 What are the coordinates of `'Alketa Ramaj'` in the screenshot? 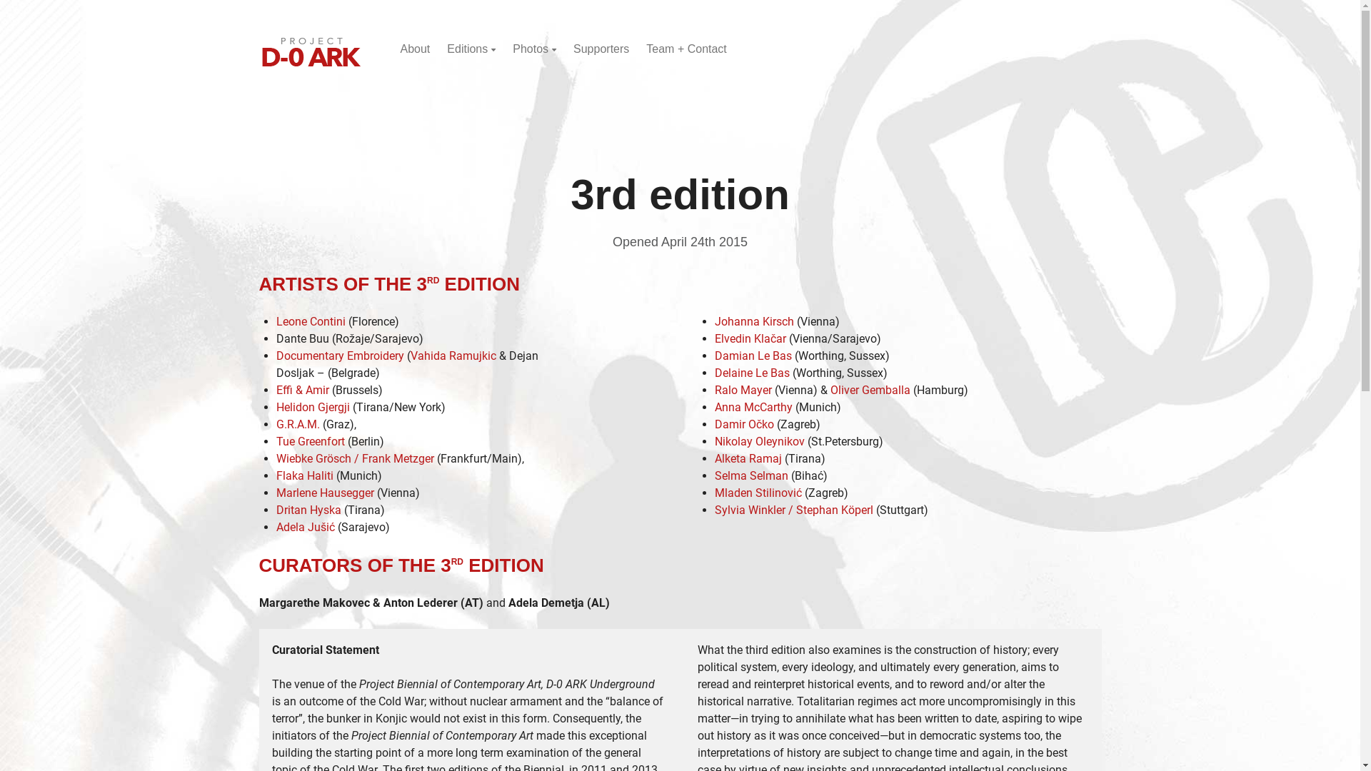 It's located at (713, 458).